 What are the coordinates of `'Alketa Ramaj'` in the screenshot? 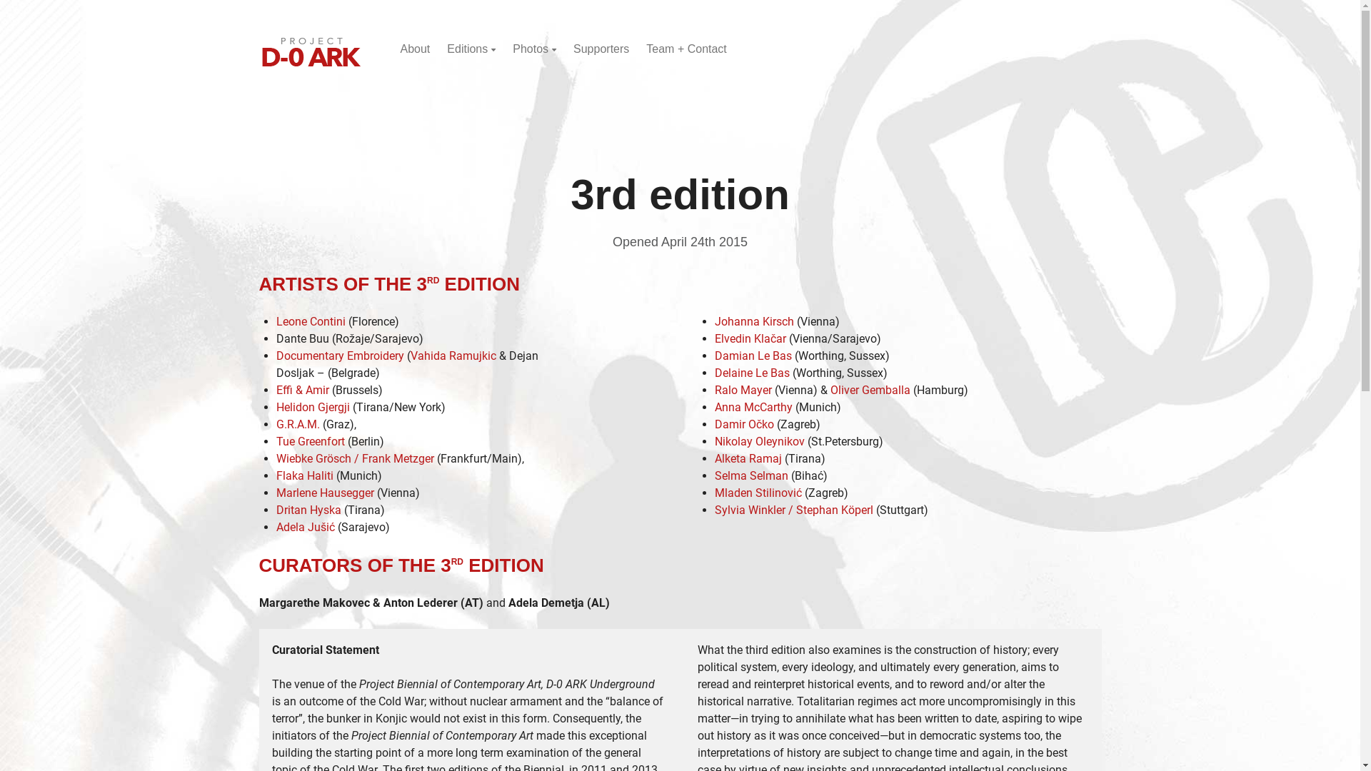 It's located at (713, 458).